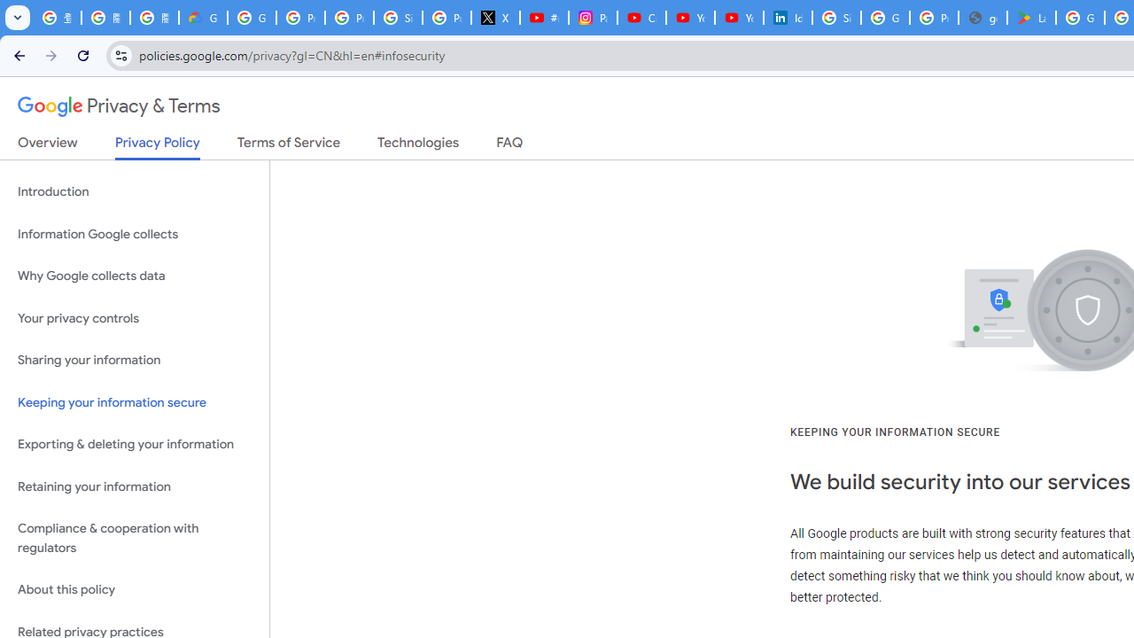 This screenshot has width=1134, height=638. I want to click on 'YouTube Culture & Trends - YouTube Top 10, 2021', so click(738, 18).